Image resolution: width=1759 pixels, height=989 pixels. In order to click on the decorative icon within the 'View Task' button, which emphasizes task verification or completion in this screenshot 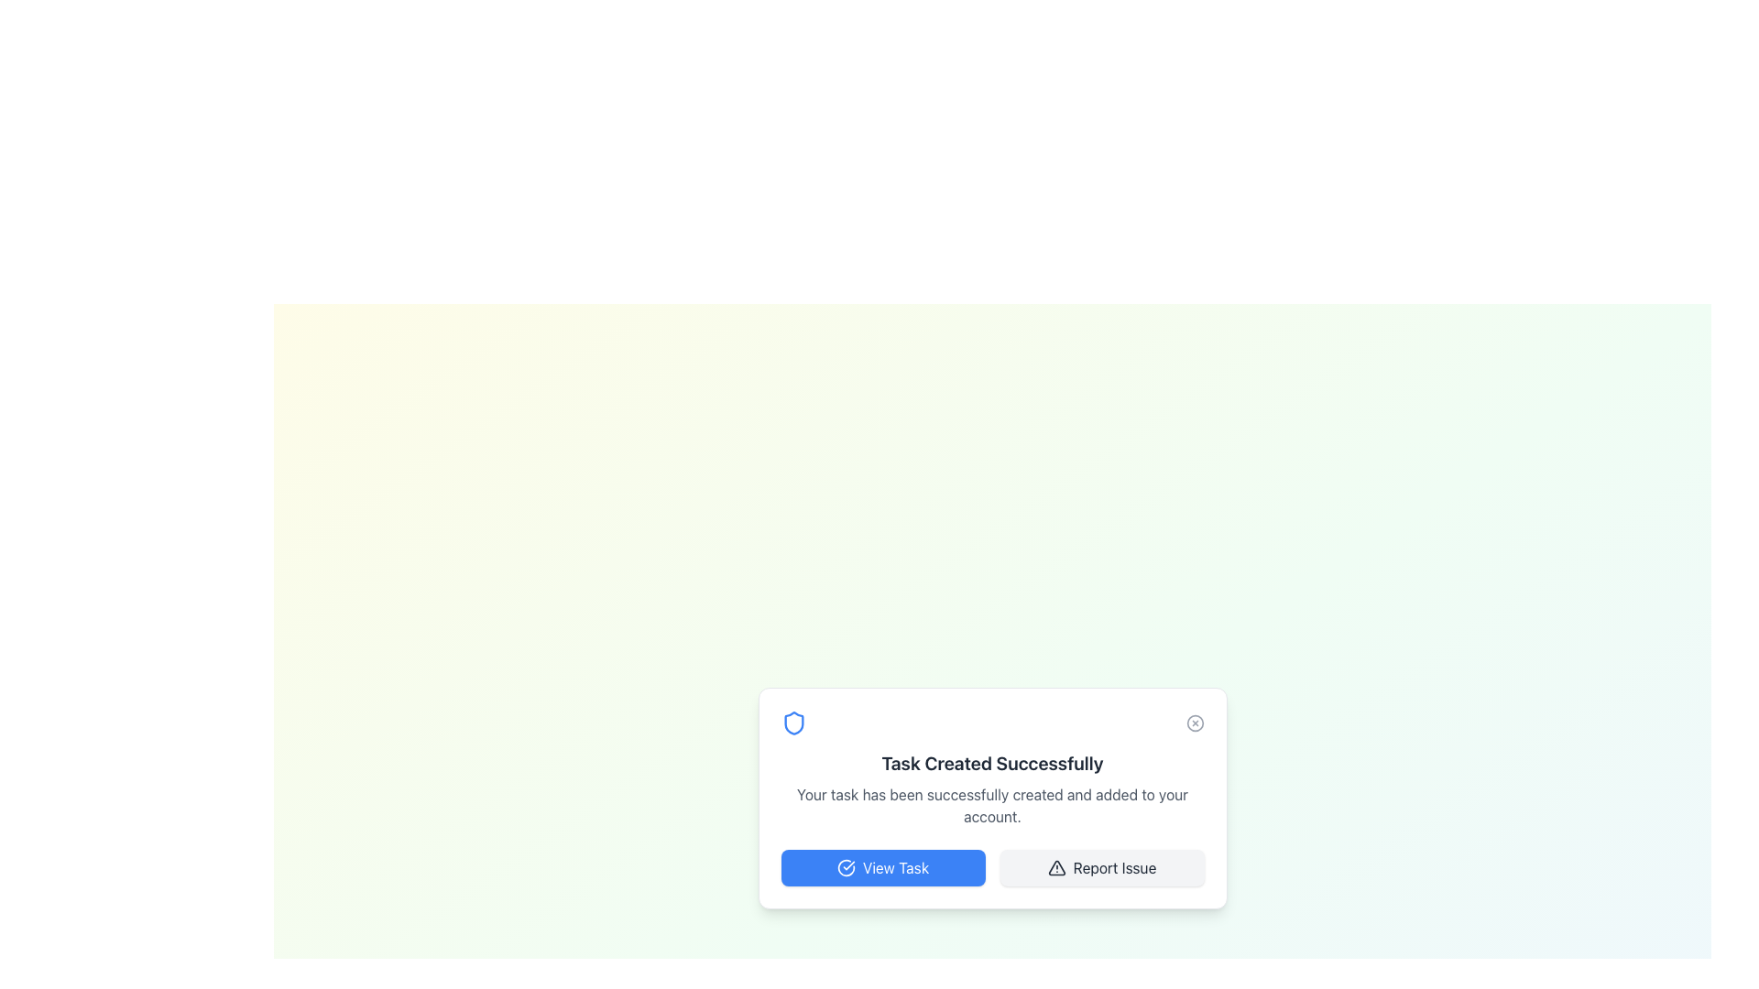, I will do `click(844, 867)`.